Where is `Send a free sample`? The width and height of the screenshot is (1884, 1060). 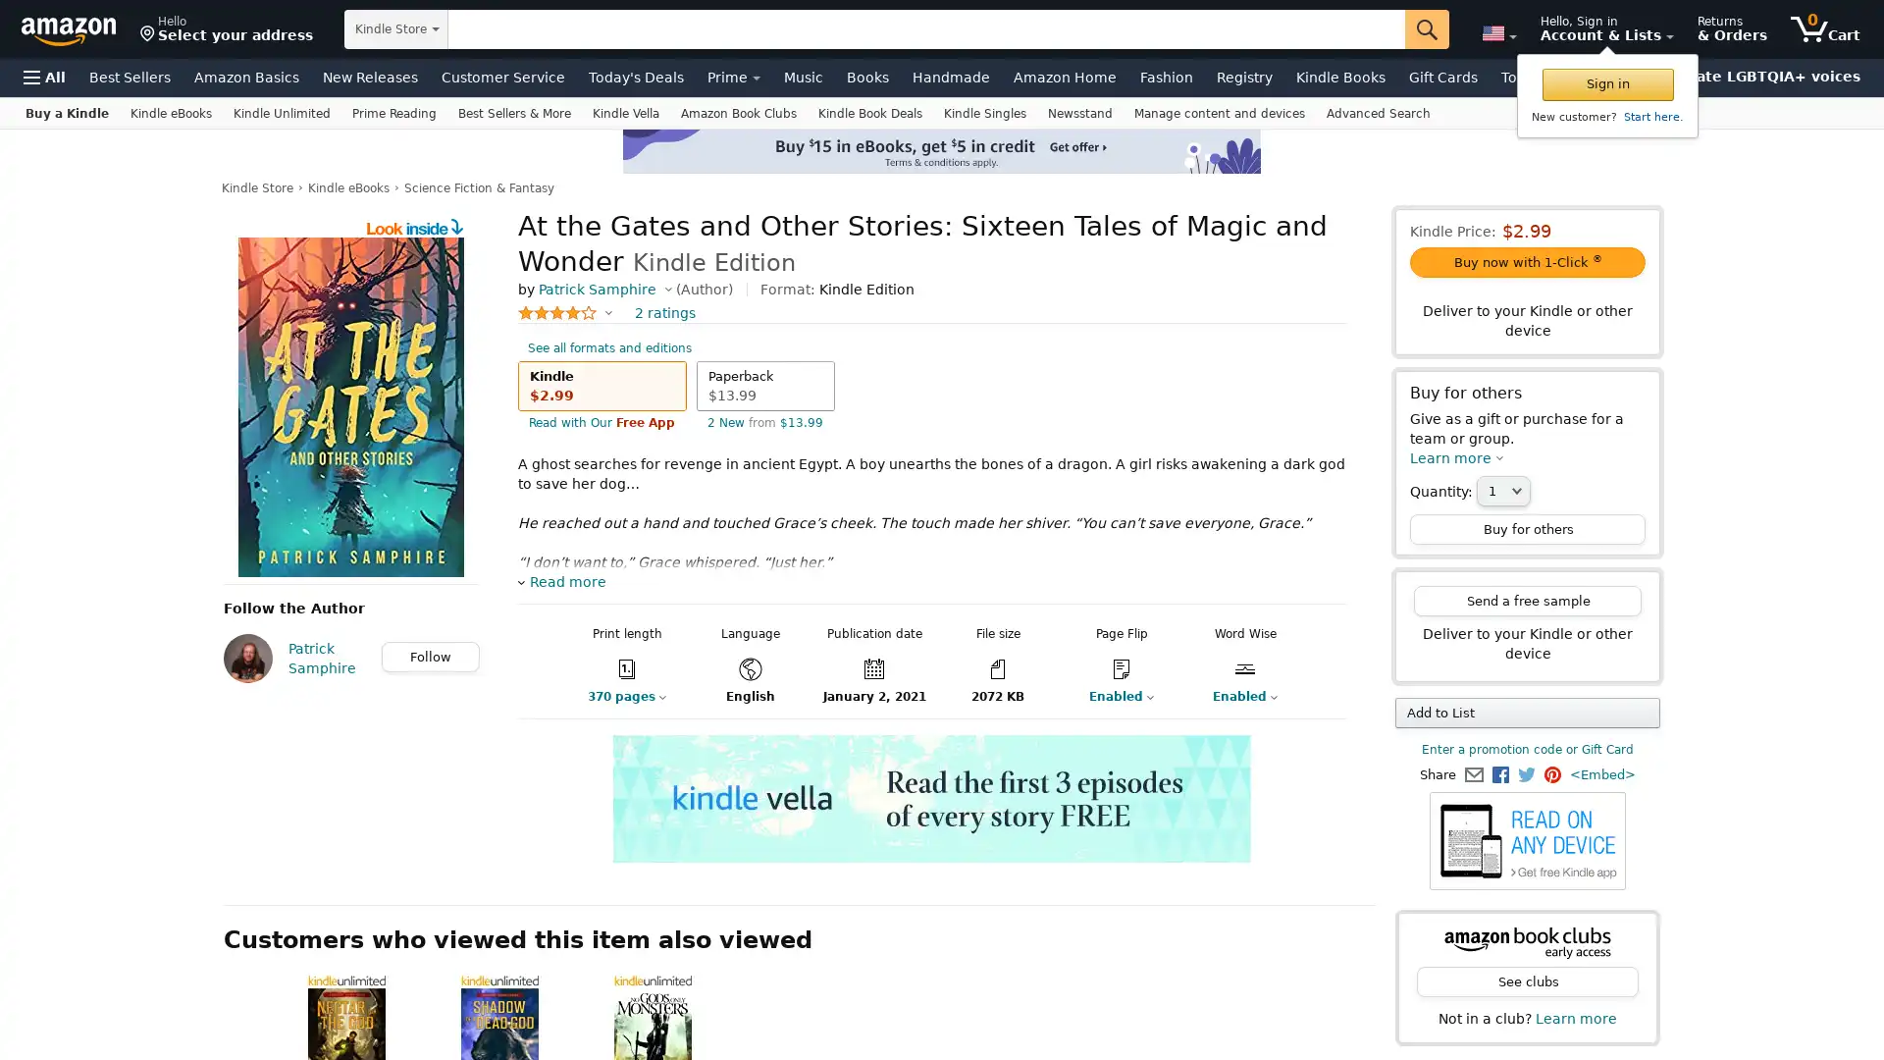
Send a free sample is located at coordinates (1526, 600).